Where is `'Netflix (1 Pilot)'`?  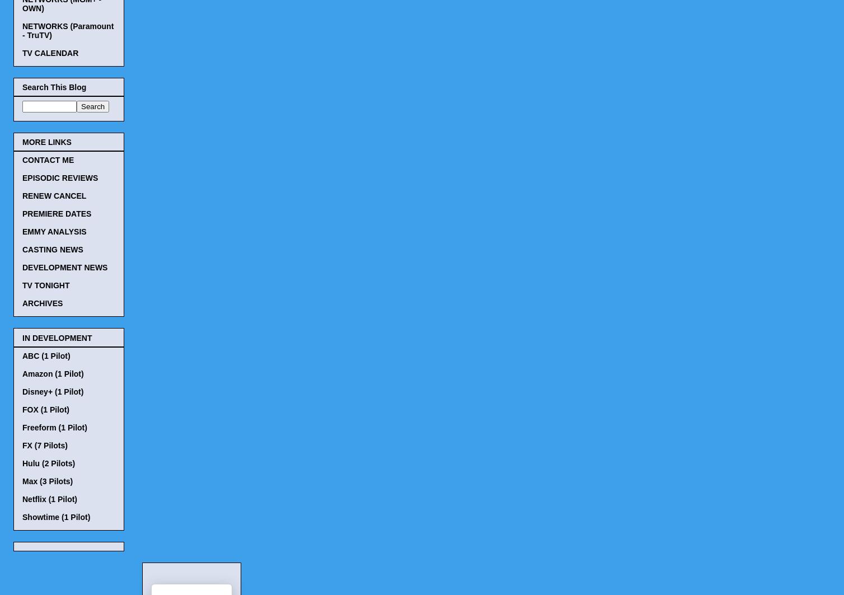
'Netflix (1 Pilot)' is located at coordinates (49, 498).